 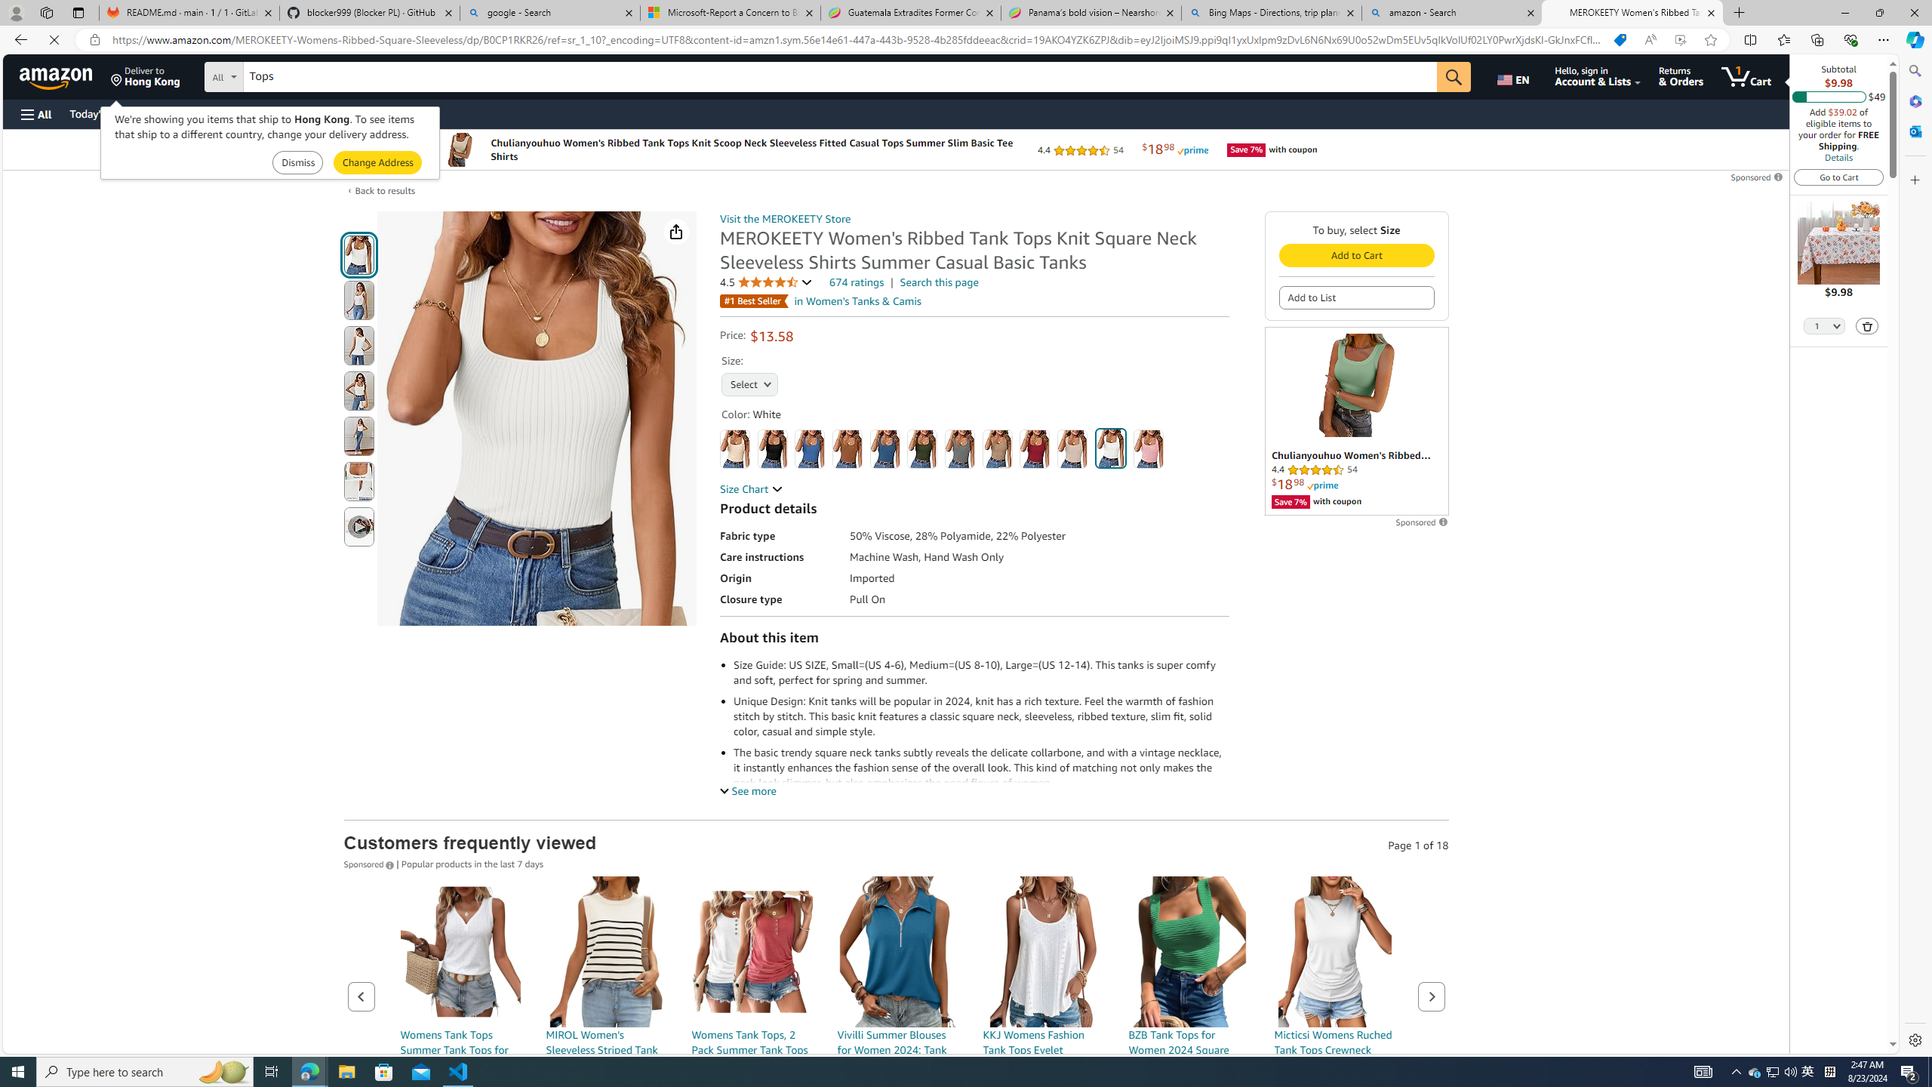 What do you see at coordinates (1452, 12) in the screenshot?
I see `'amazon - Search'` at bounding box center [1452, 12].